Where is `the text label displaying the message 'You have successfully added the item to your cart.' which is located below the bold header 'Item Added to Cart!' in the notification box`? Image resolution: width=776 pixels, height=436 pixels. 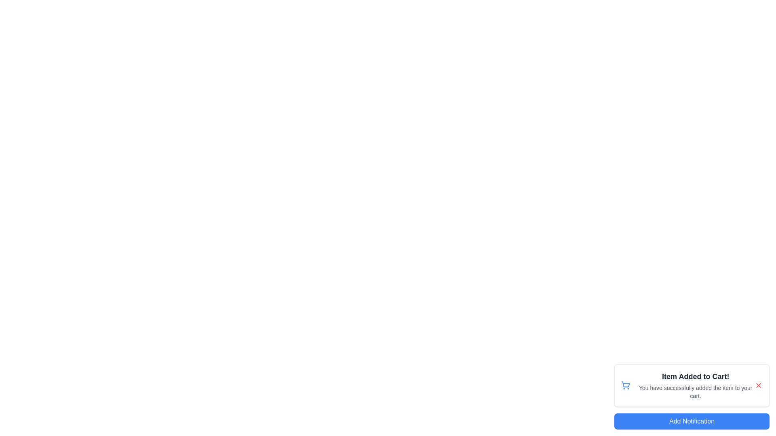 the text label displaying the message 'You have successfully added the item to your cart.' which is located below the bold header 'Item Added to Cart!' in the notification box is located at coordinates (695, 392).